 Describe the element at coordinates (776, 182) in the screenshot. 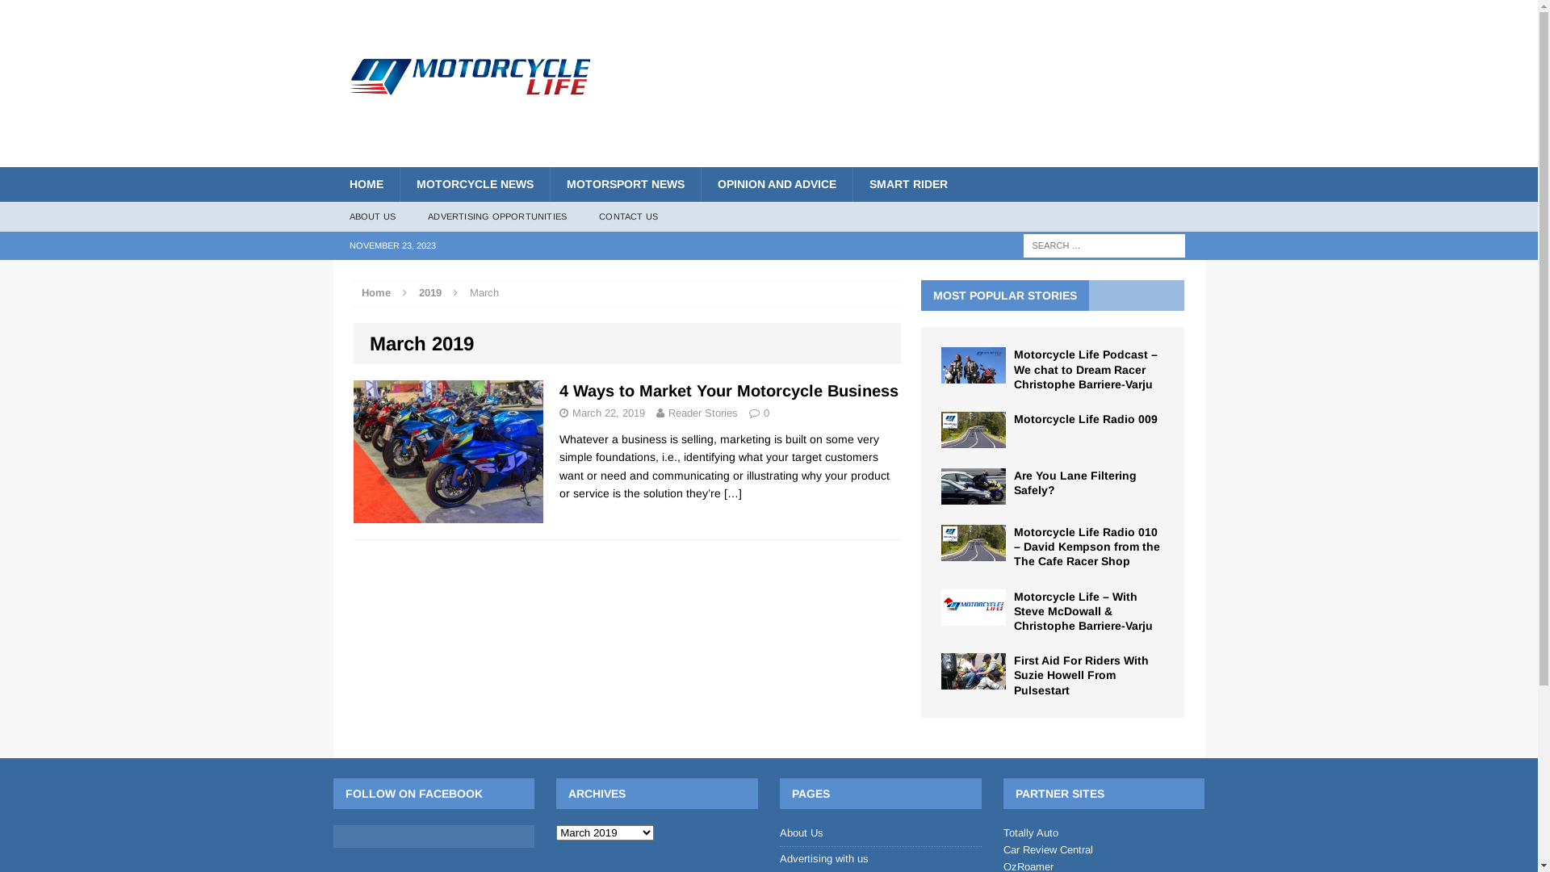

I see `'OPINION AND ADVICE'` at that location.